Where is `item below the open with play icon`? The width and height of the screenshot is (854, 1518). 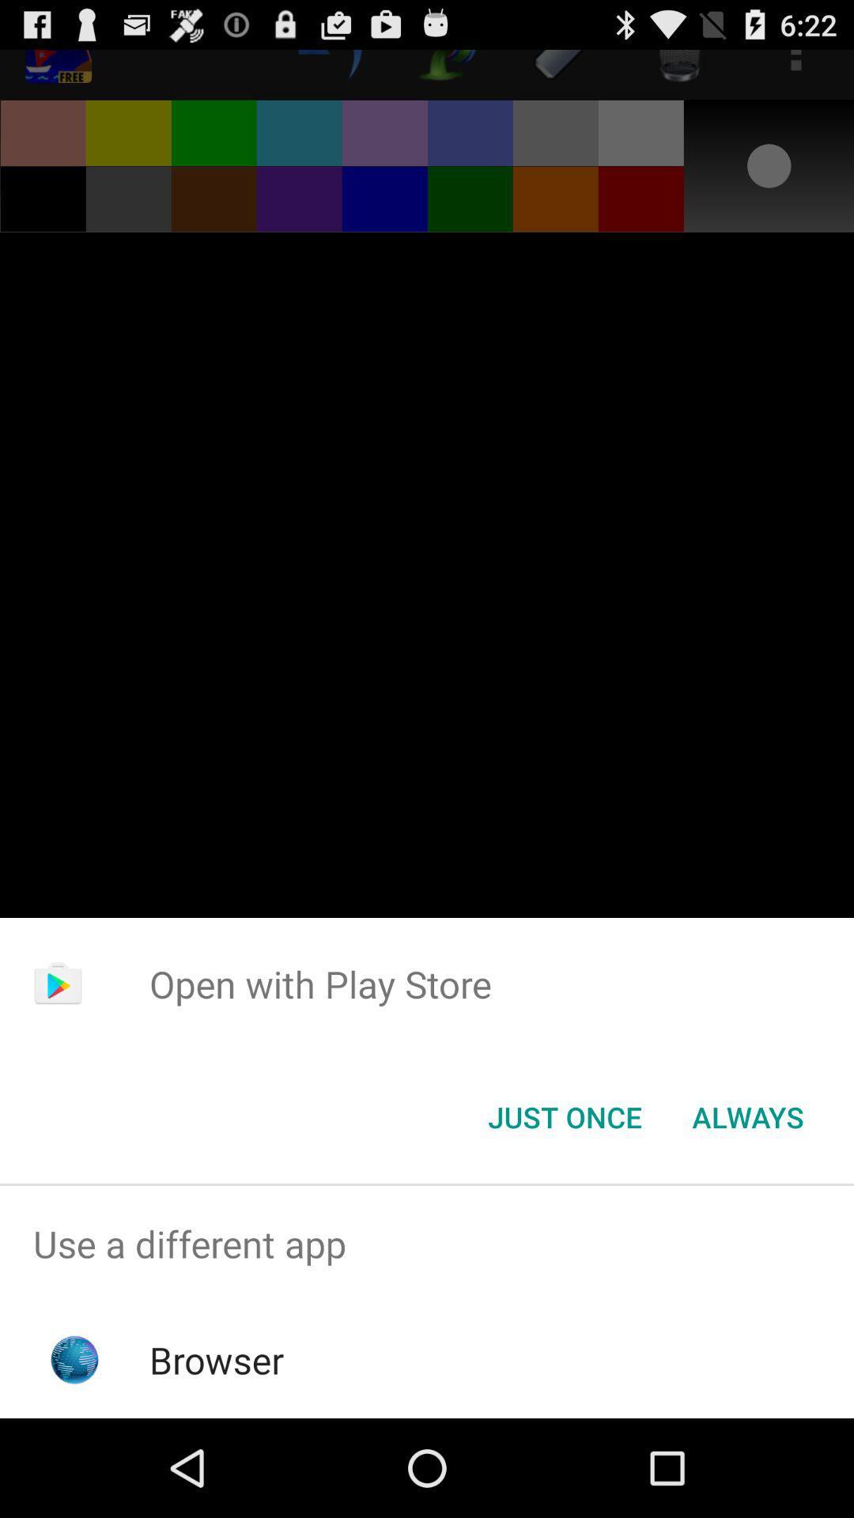
item below the open with play icon is located at coordinates (747, 1116).